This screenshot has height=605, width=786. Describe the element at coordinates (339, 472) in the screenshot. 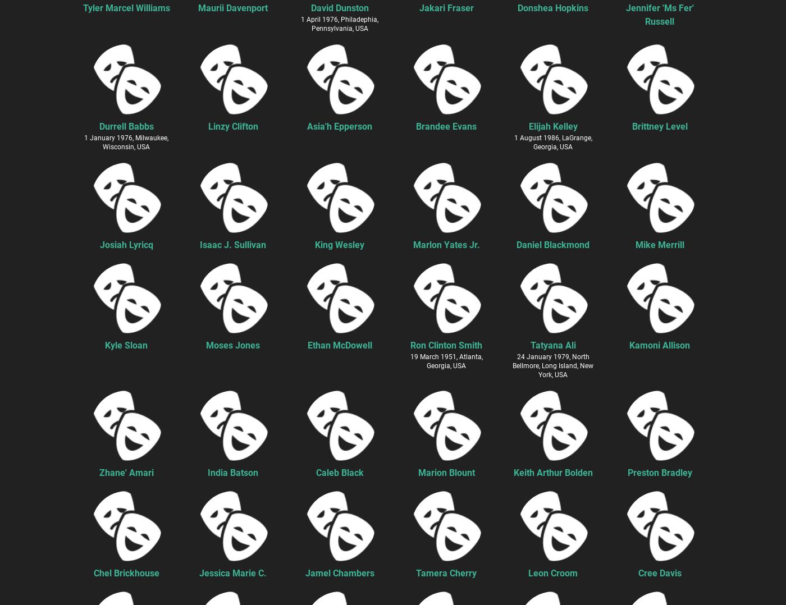

I see `'Caleb Black'` at that location.